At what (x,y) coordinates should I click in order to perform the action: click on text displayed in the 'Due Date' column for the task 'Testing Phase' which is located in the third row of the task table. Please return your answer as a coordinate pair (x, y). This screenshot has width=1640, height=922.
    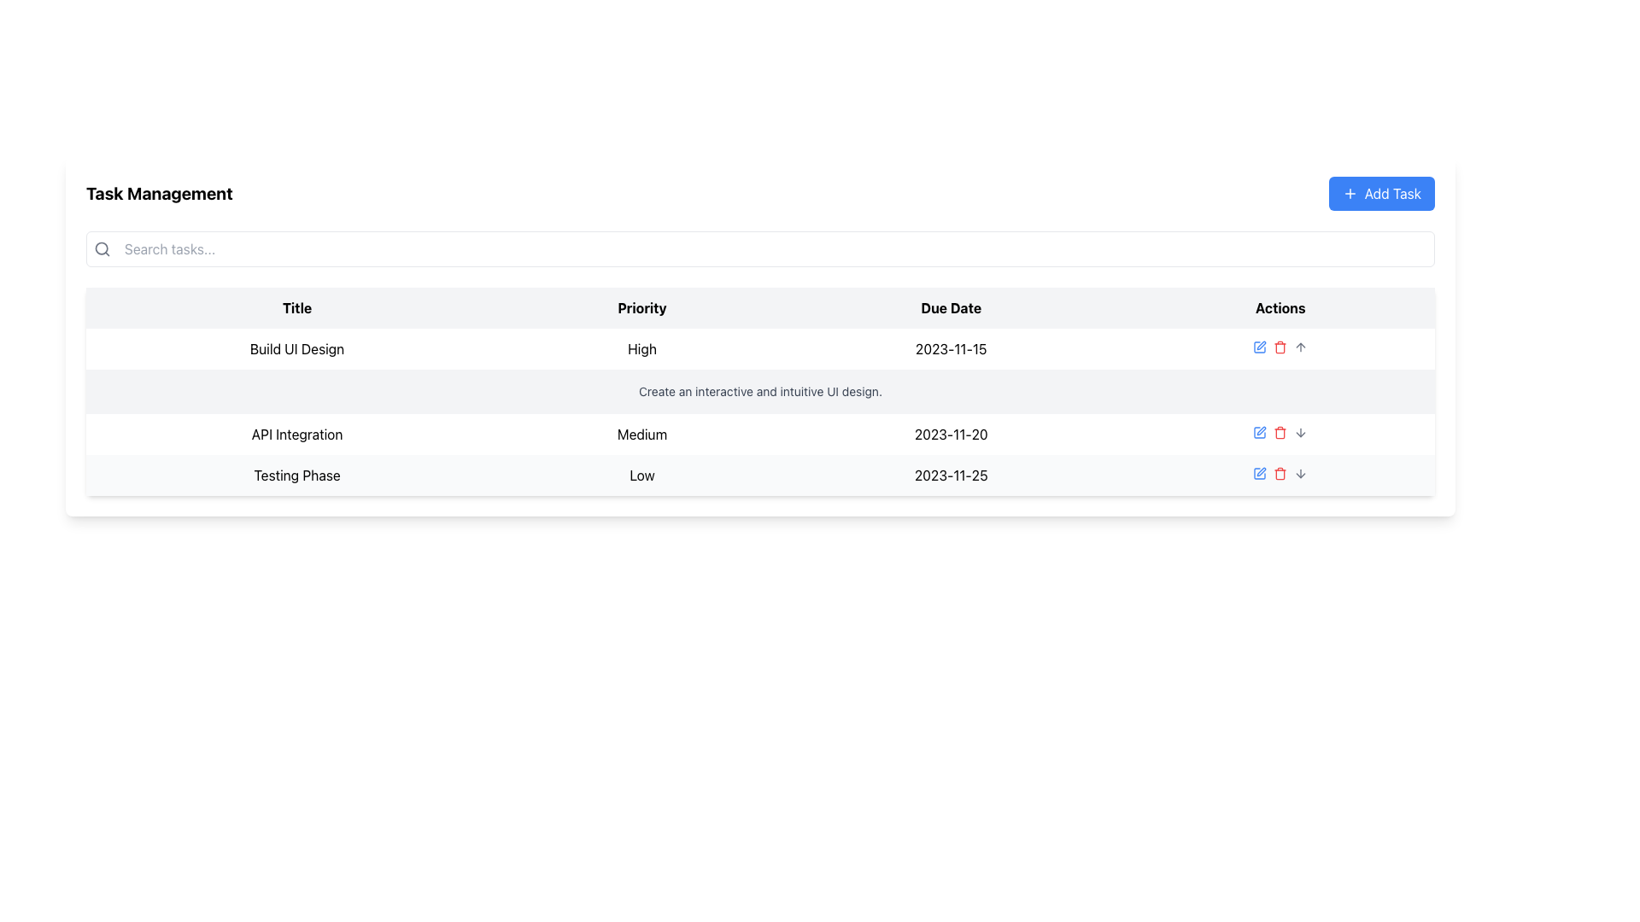
    Looking at the image, I should click on (950, 475).